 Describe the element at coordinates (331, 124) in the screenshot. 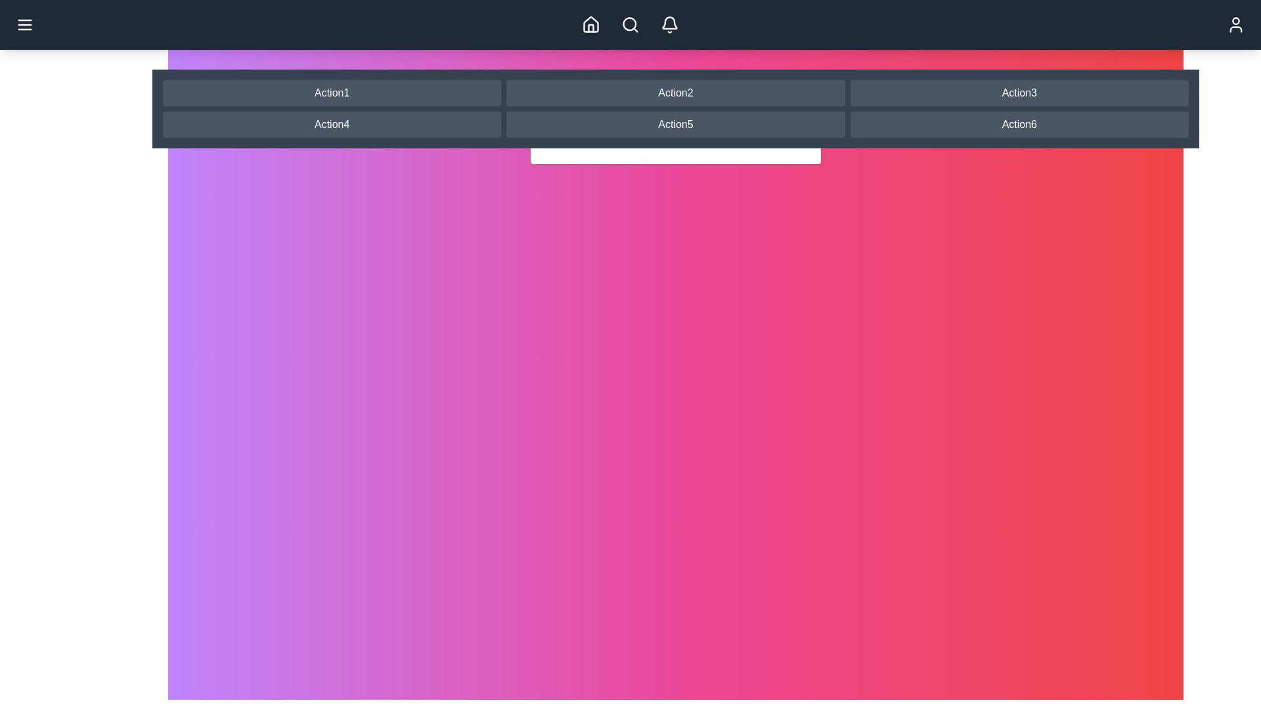

I see `the navigation button labeled Action4` at that location.